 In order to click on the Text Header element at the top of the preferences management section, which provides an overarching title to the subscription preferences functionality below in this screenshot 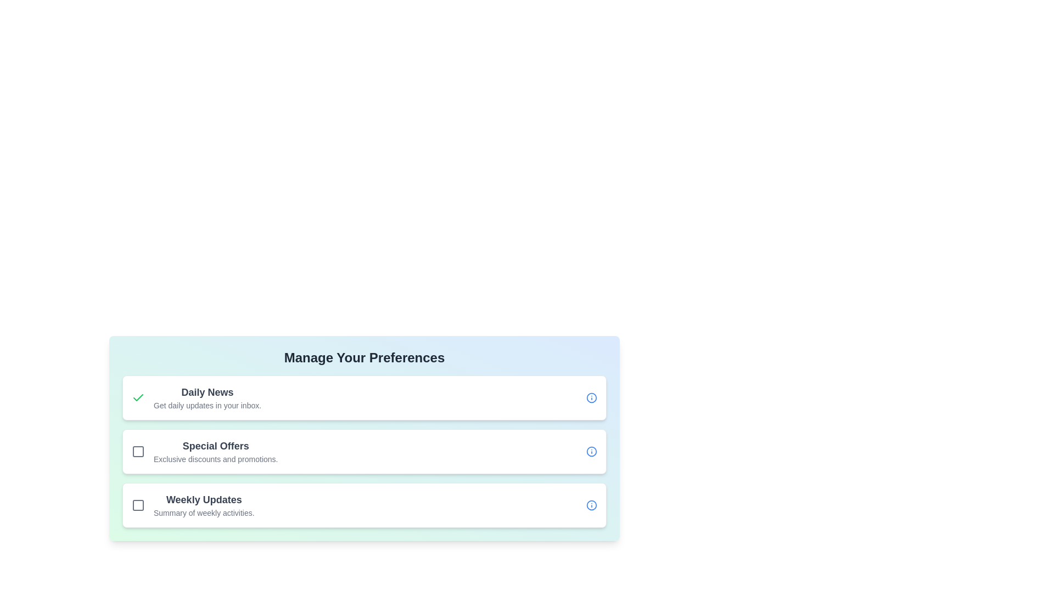, I will do `click(364, 357)`.